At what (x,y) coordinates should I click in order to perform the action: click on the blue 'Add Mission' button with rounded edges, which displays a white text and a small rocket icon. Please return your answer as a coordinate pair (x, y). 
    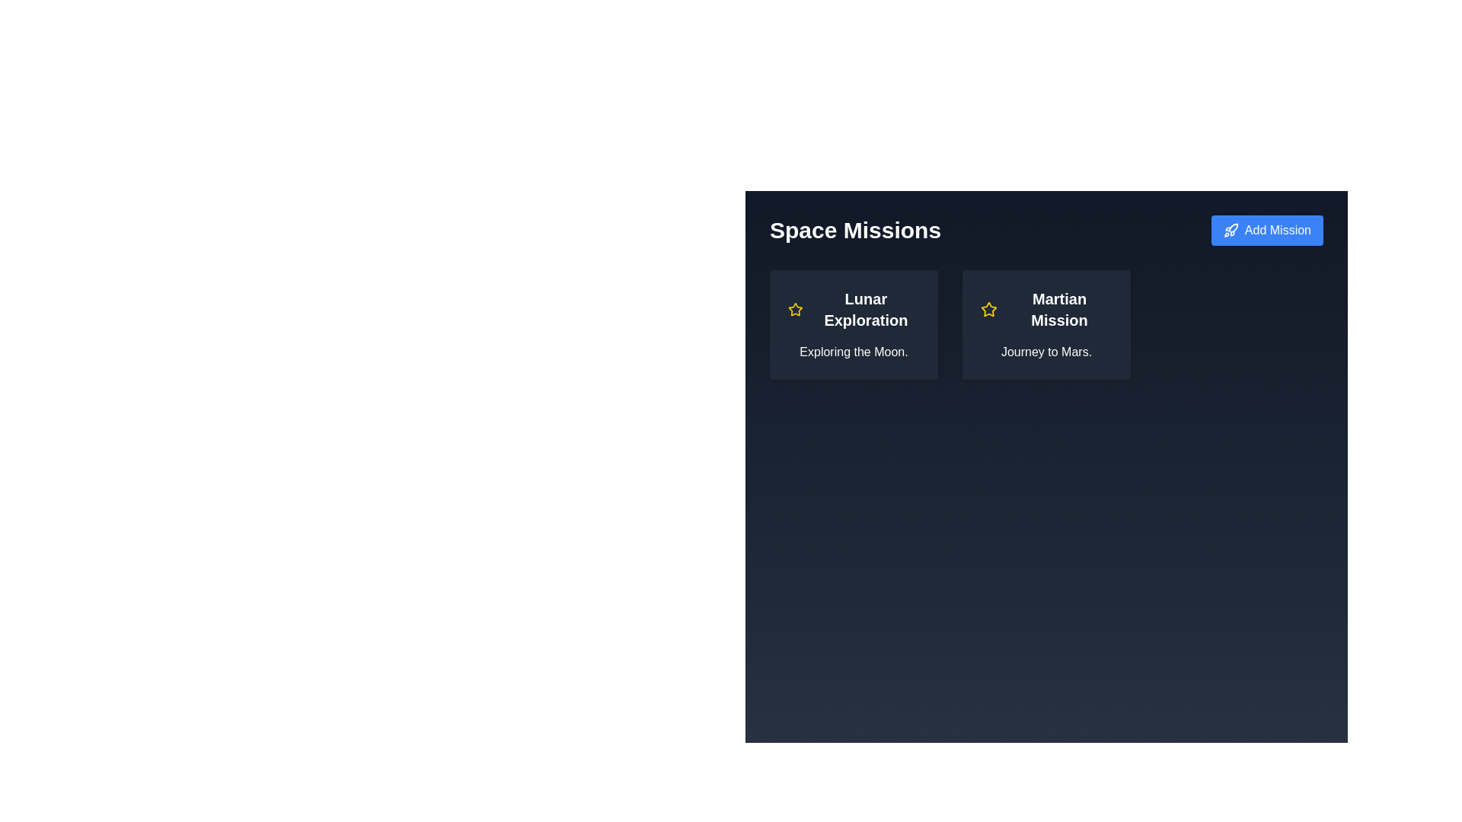
    Looking at the image, I should click on (1267, 231).